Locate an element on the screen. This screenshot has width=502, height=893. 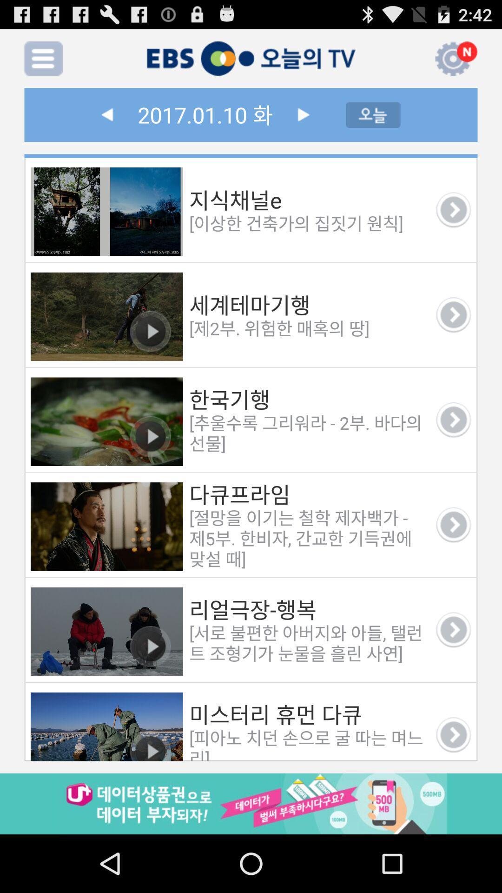
the play icon is located at coordinates (303, 122).